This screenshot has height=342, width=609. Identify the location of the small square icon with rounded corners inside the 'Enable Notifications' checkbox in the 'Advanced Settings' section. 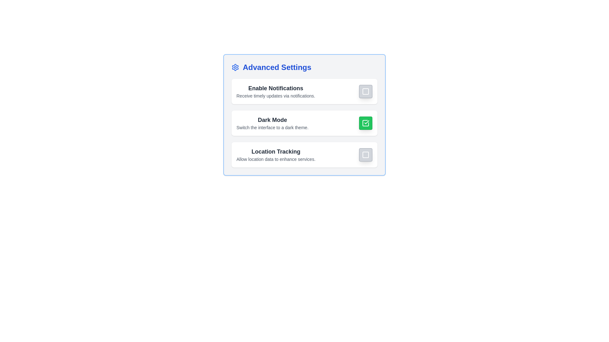
(365, 92).